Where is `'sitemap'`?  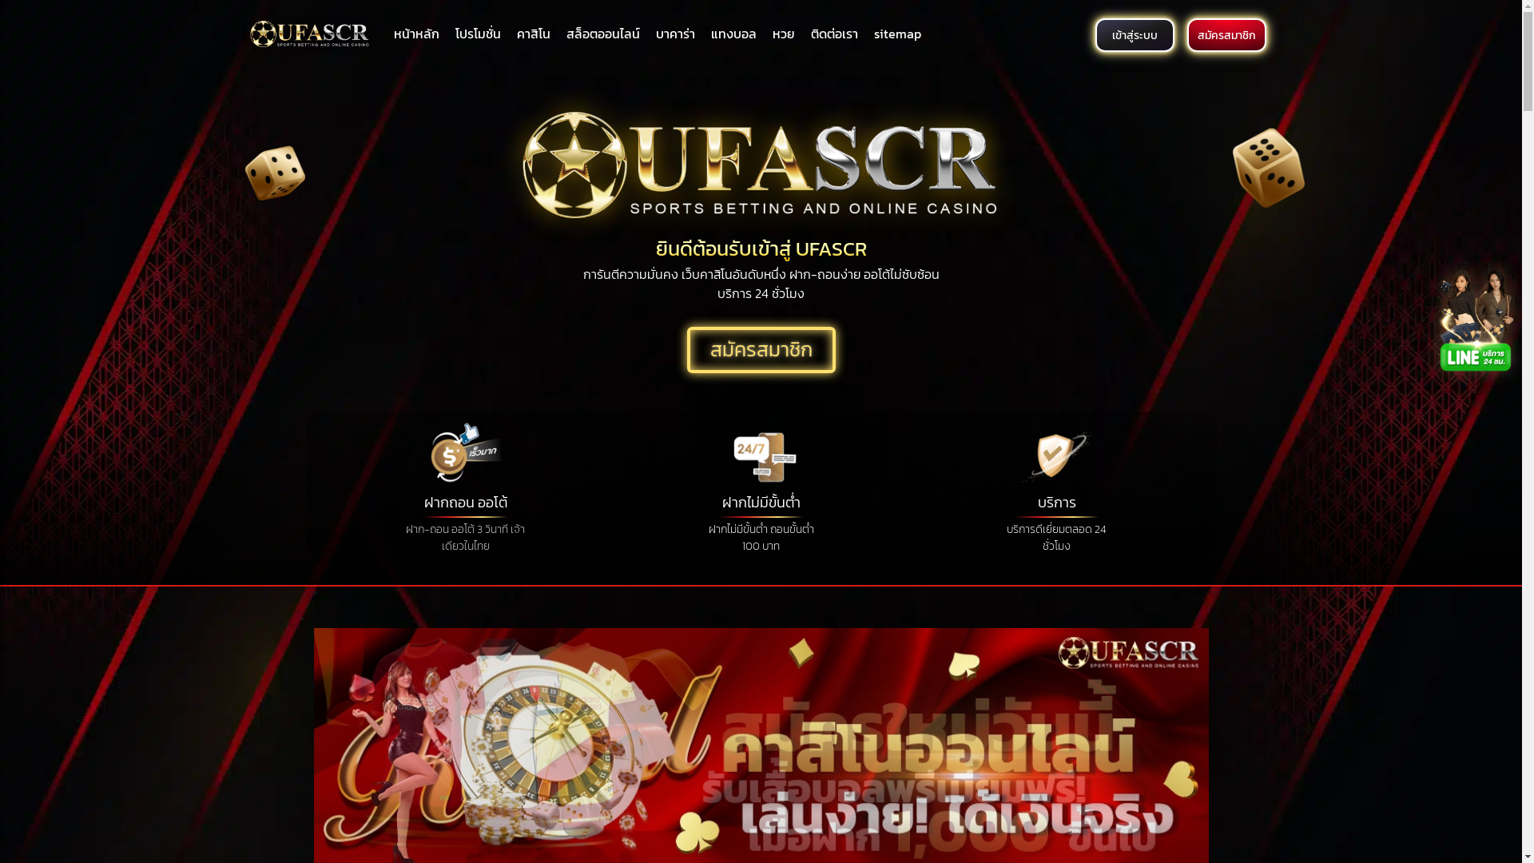
'sitemap' is located at coordinates (897, 34).